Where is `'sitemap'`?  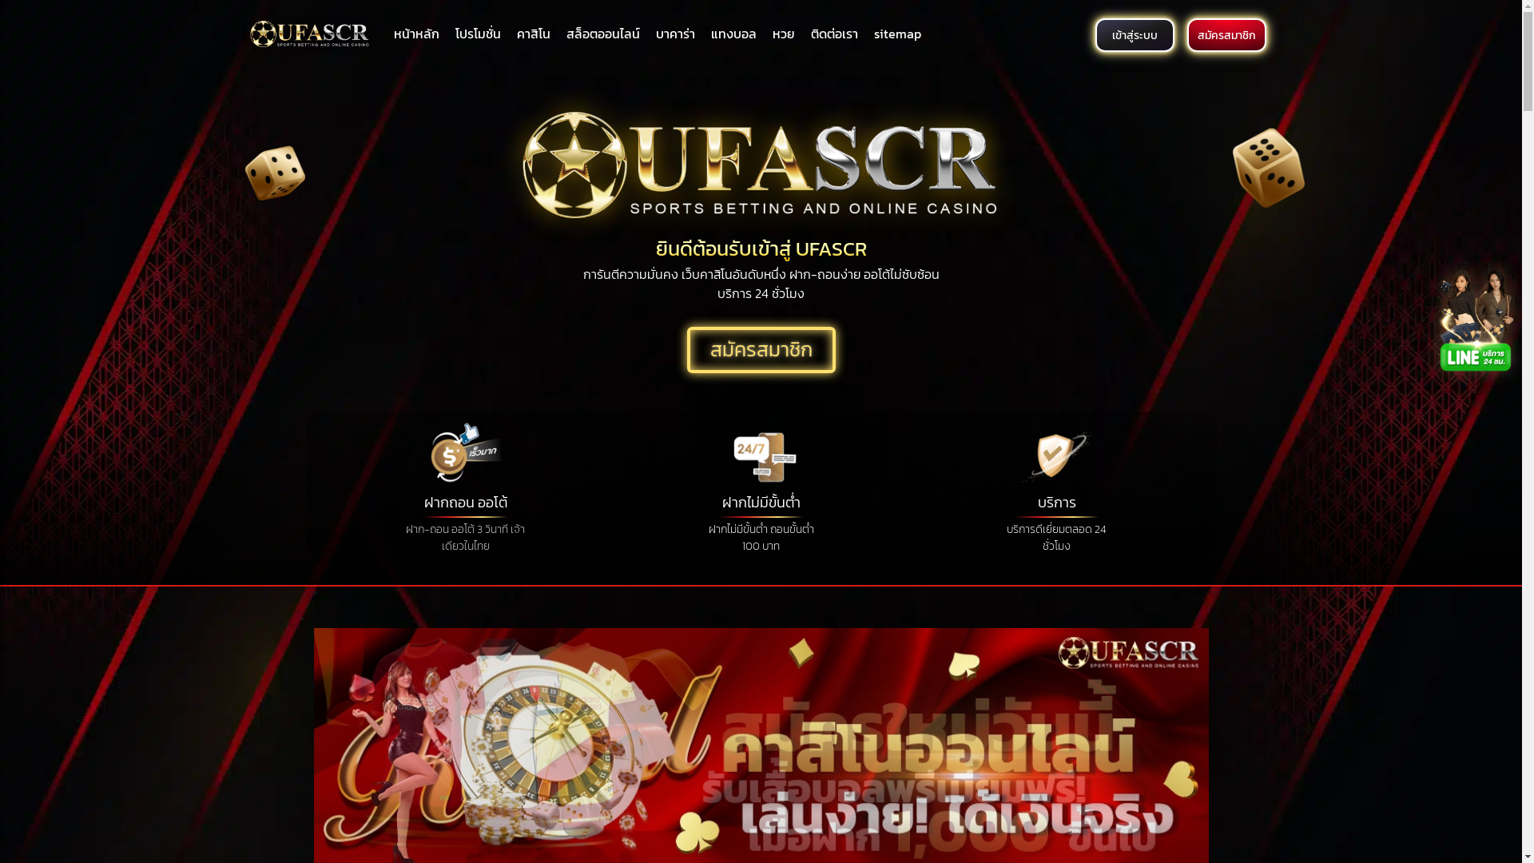
'sitemap' is located at coordinates (897, 34).